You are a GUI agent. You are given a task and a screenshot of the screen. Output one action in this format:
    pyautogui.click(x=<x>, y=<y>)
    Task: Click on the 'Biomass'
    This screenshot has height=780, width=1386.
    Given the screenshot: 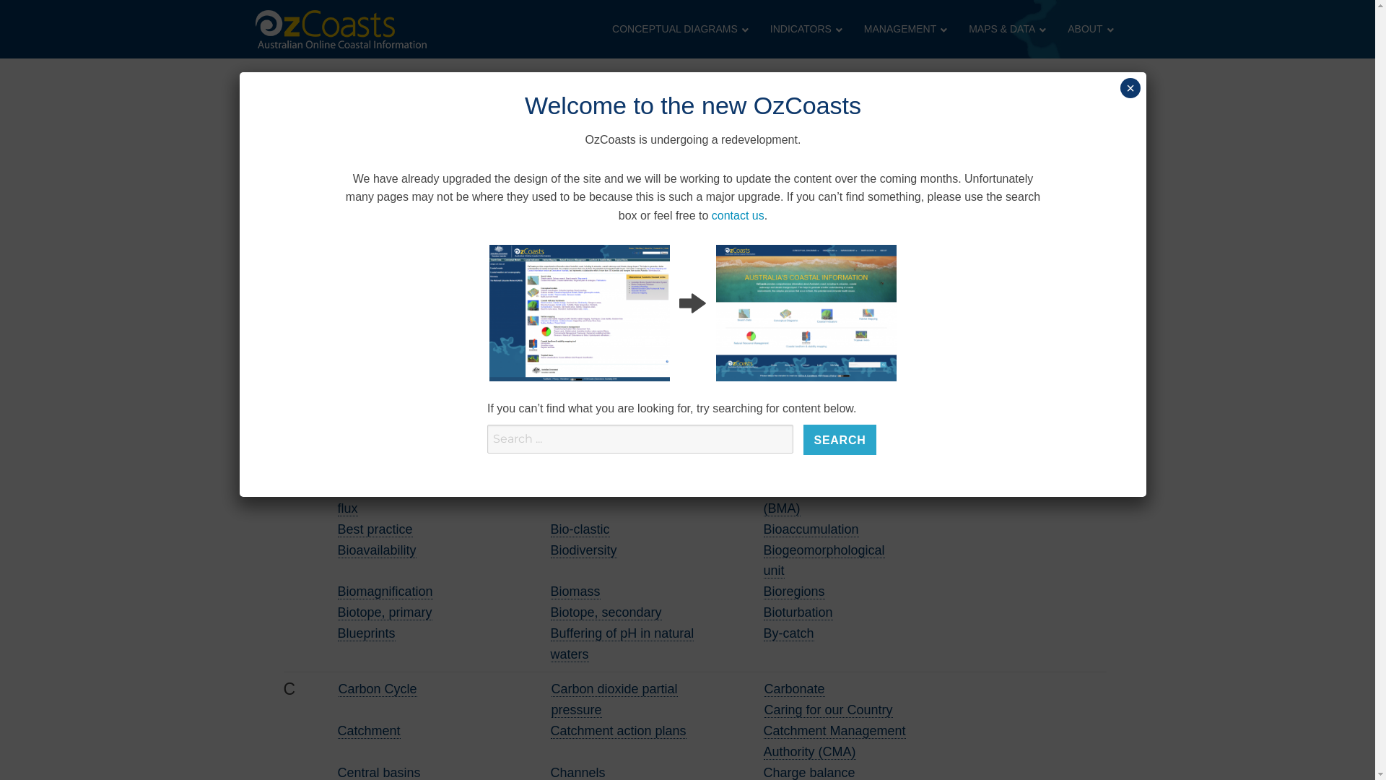 What is the action you would take?
    pyautogui.click(x=574, y=591)
    